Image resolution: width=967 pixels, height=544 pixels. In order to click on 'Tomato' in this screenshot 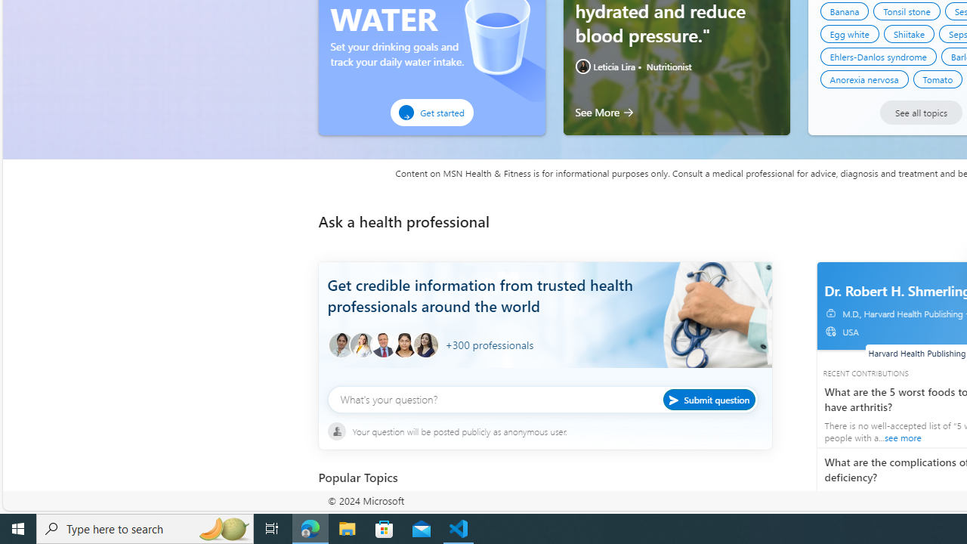, I will do `click(937, 79)`.